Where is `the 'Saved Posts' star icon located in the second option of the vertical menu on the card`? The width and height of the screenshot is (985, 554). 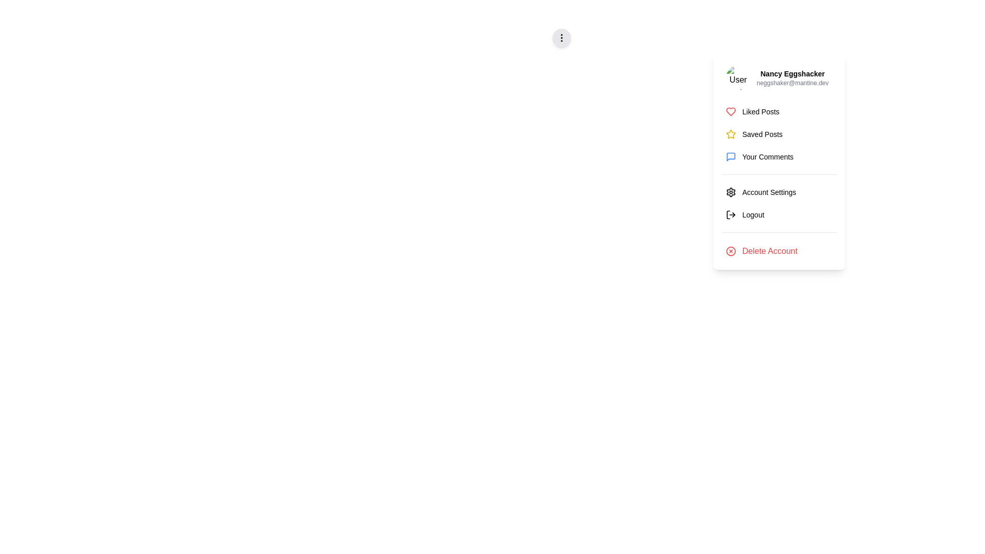 the 'Saved Posts' star icon located in the second option of the vertical menu on the card is located at coordinates (731, 133).